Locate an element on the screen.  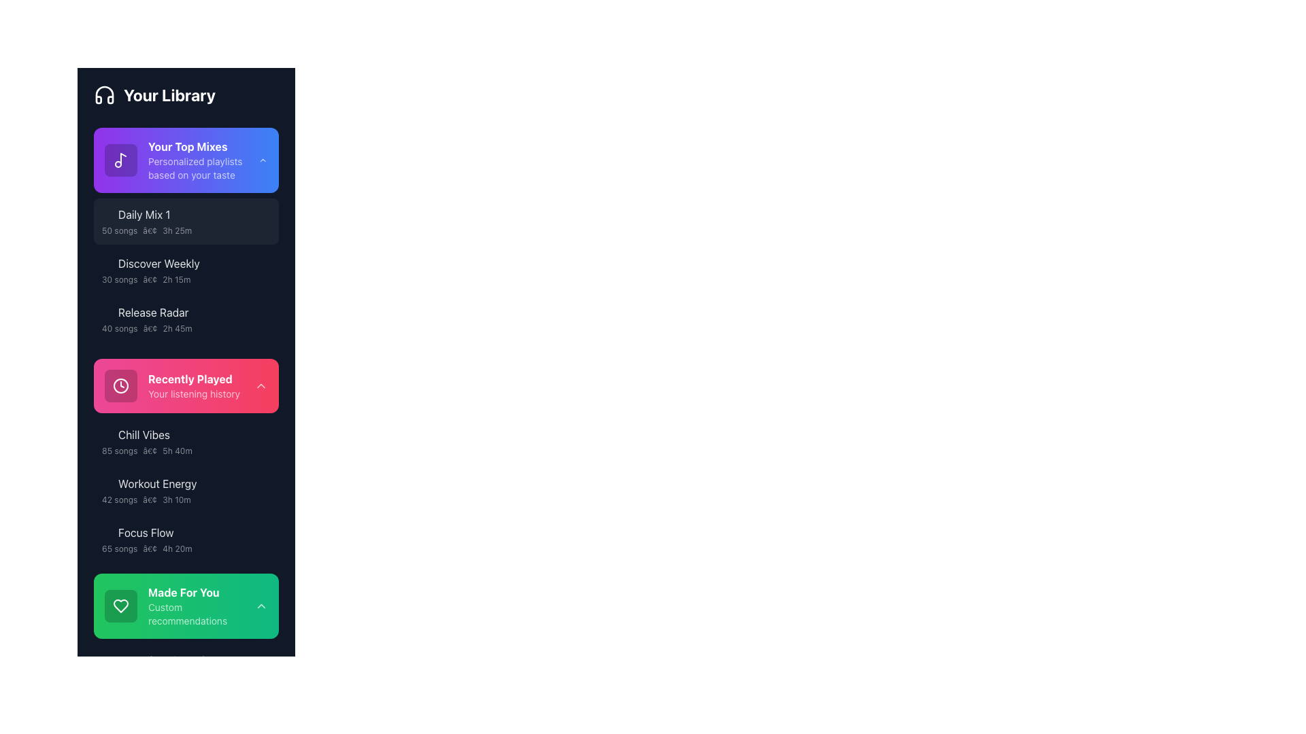
the 'Your Top Mixes' card in the music library interface is located at coordinates (185, 159).